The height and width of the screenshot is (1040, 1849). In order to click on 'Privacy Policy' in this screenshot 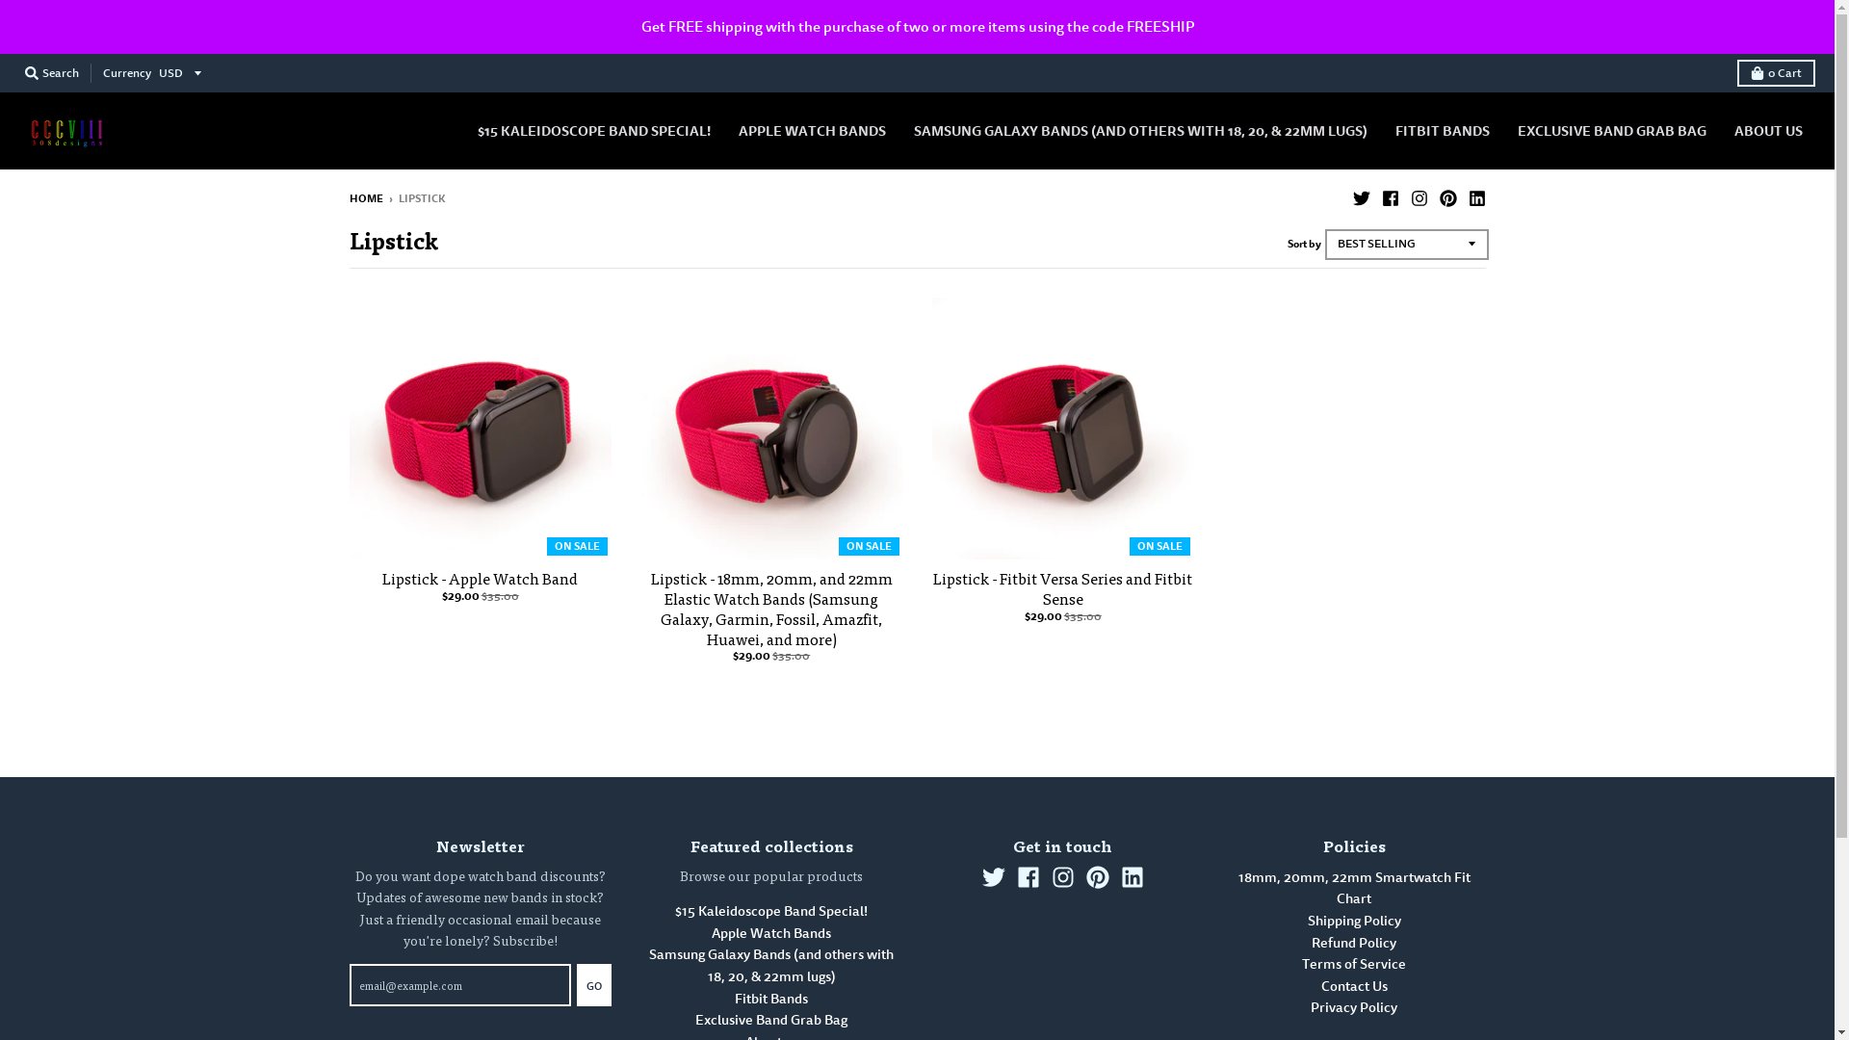, I will do `click(1353, 1006)`.